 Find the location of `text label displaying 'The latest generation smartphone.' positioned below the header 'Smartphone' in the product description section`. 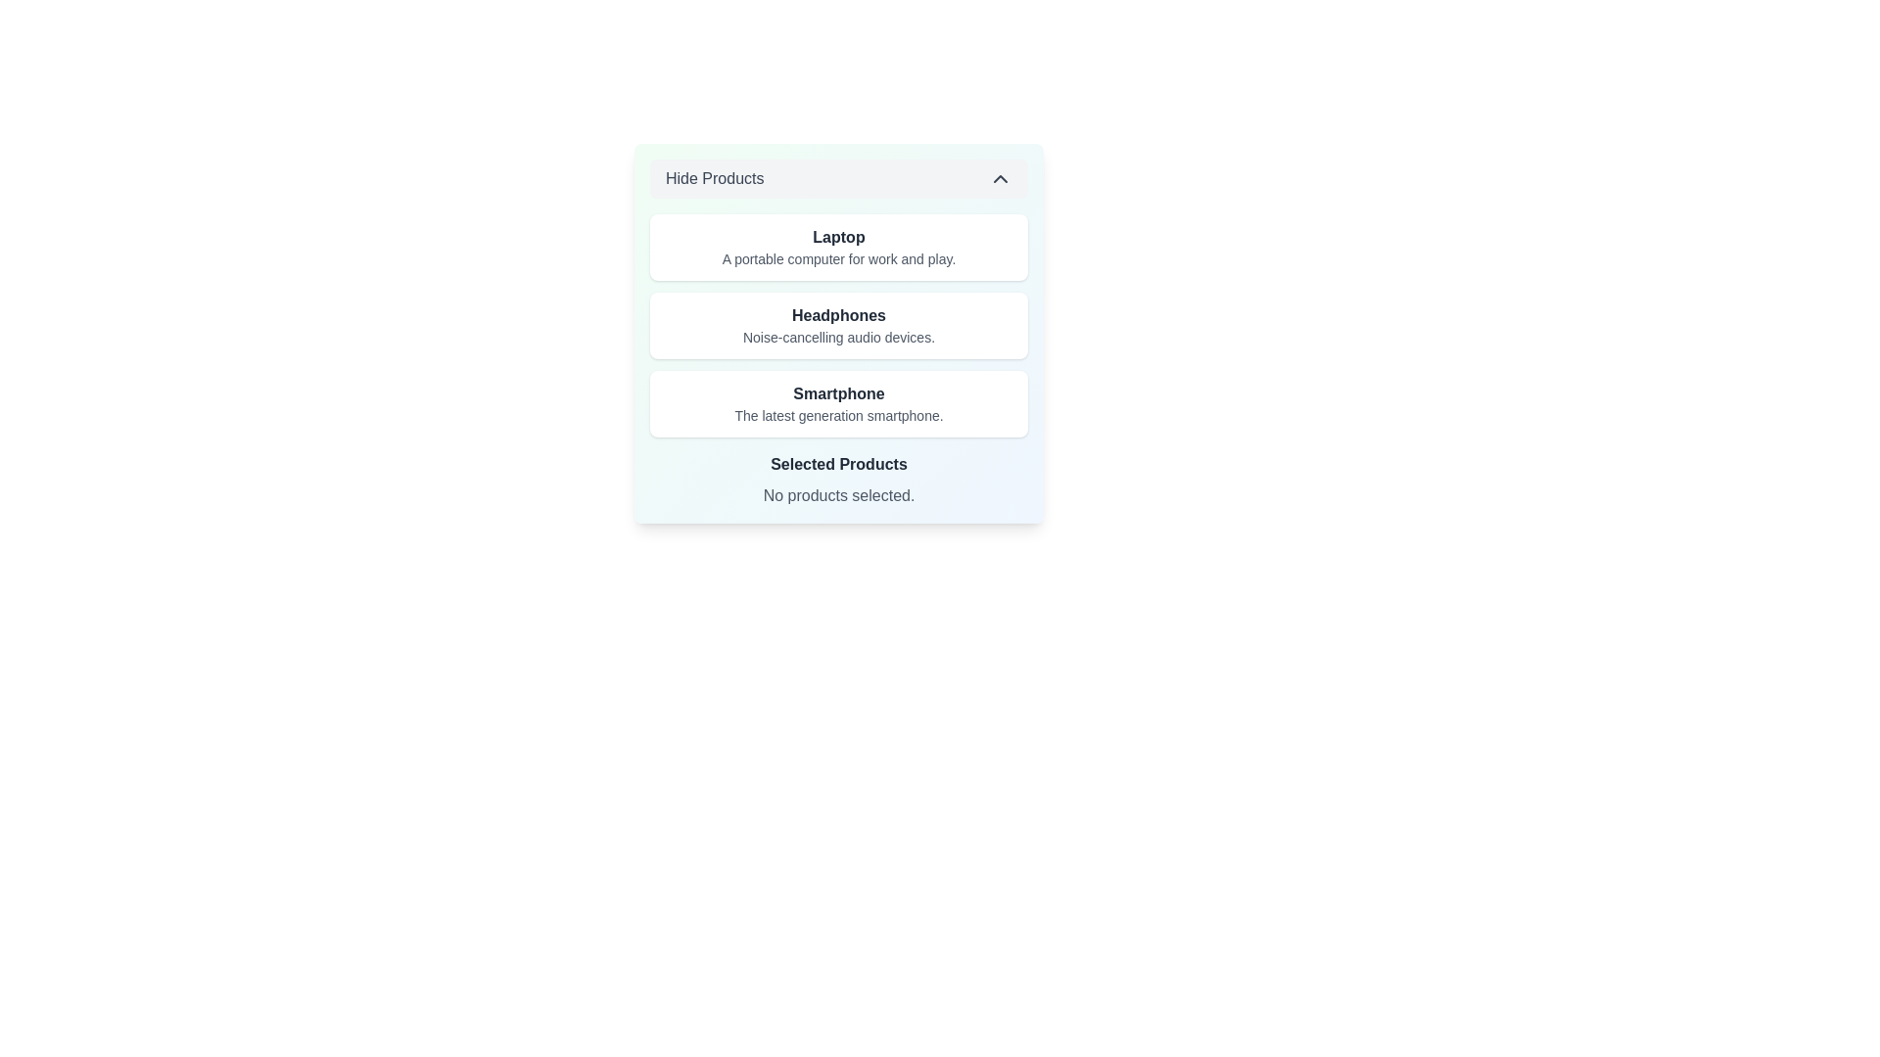

text label displaying 'The latest generation smartphone.' positioned below the header 'Smartphone' in the product description section is located at coordinates (839, 414).